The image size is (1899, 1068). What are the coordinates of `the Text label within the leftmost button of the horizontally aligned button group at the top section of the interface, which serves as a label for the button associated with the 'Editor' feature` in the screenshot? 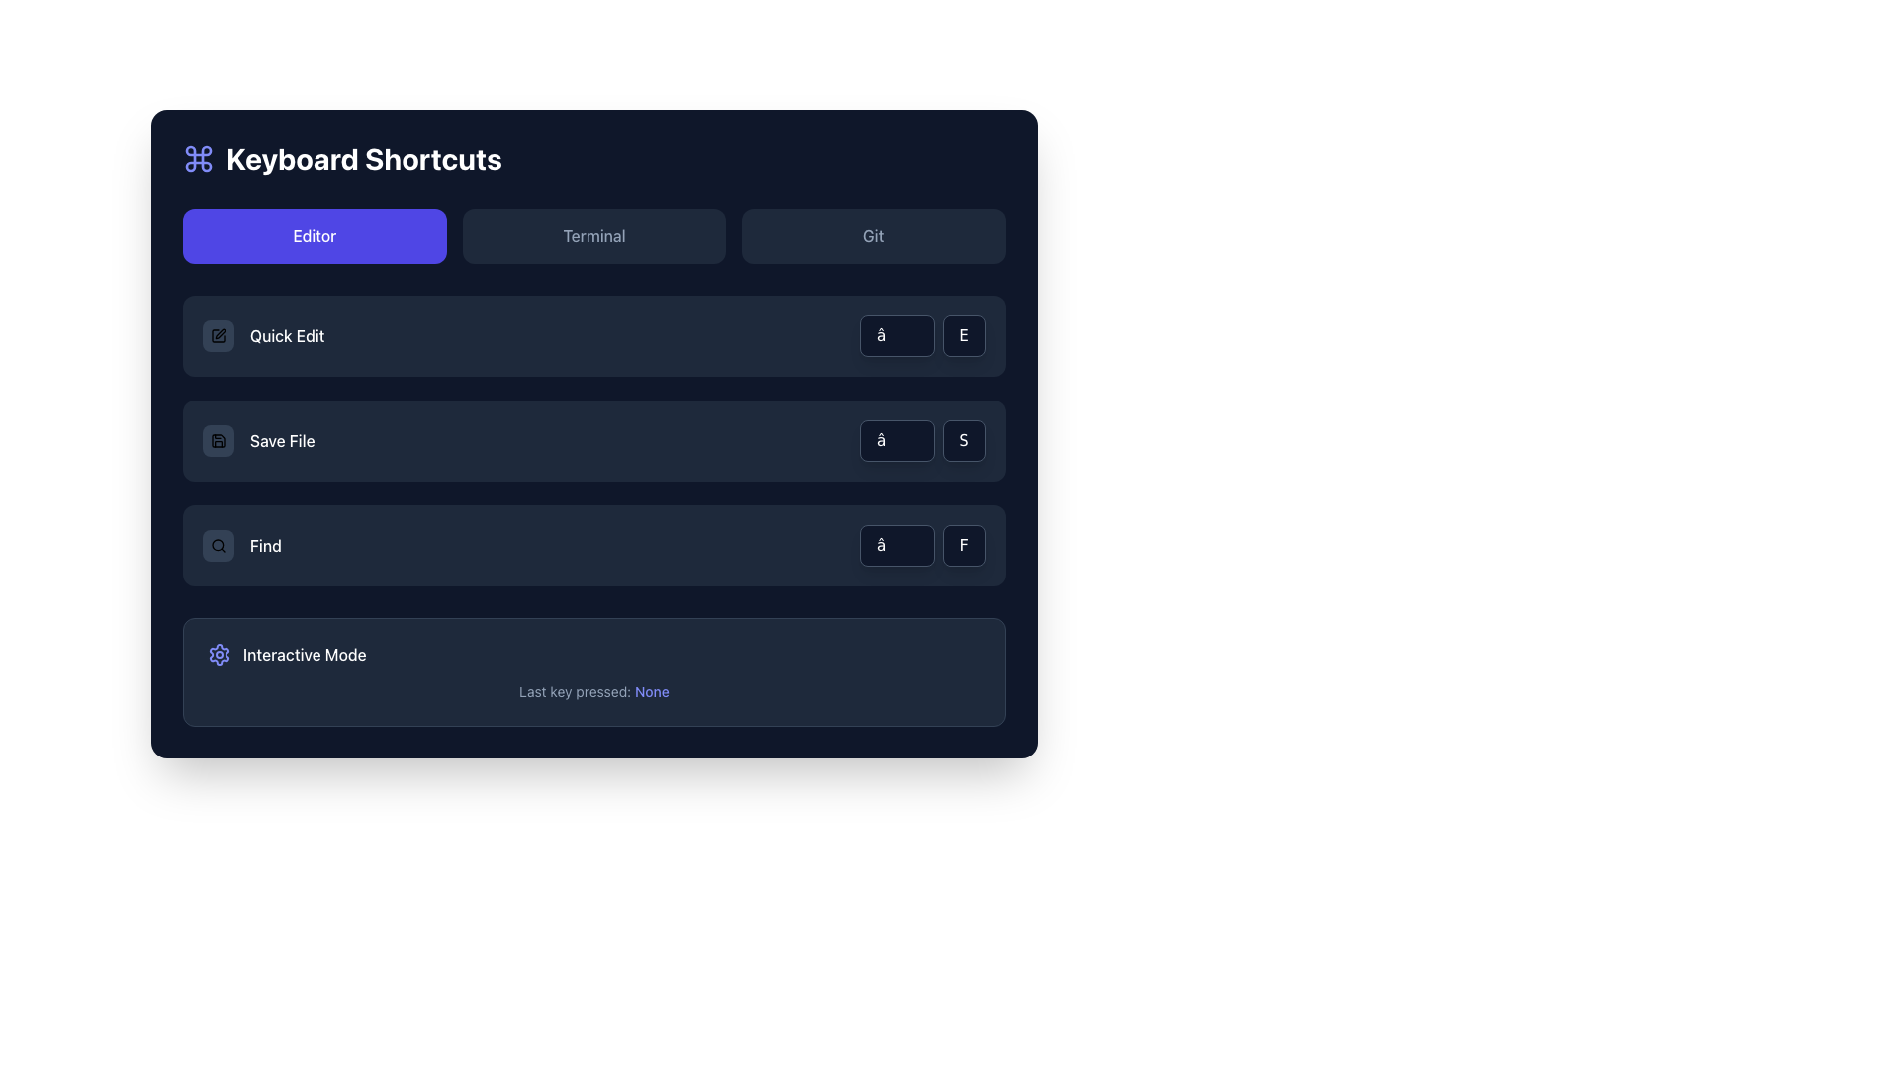 It's located at (314, 235).